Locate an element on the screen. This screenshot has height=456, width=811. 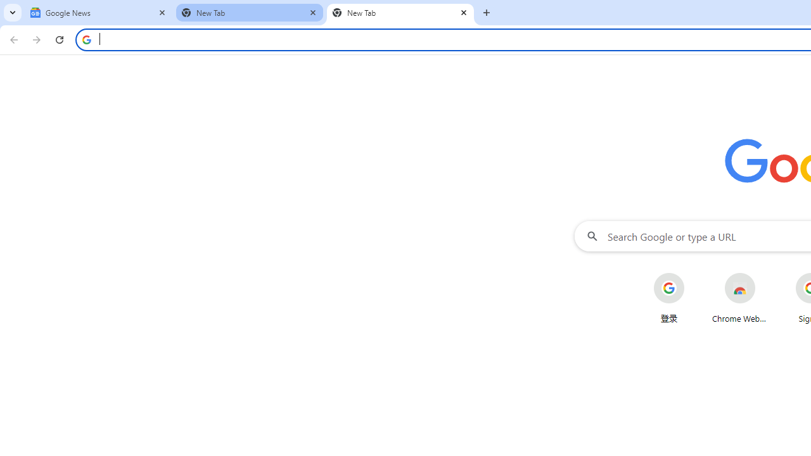
'Google News' is located at coordinates (98, 13).